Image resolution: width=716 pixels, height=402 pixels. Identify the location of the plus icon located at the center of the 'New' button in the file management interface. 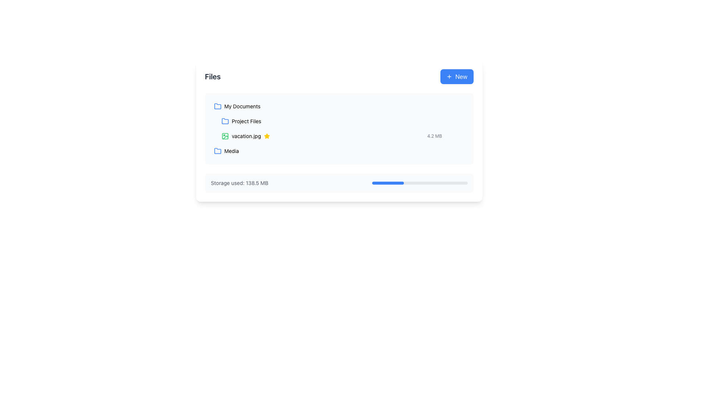
(449, 76).